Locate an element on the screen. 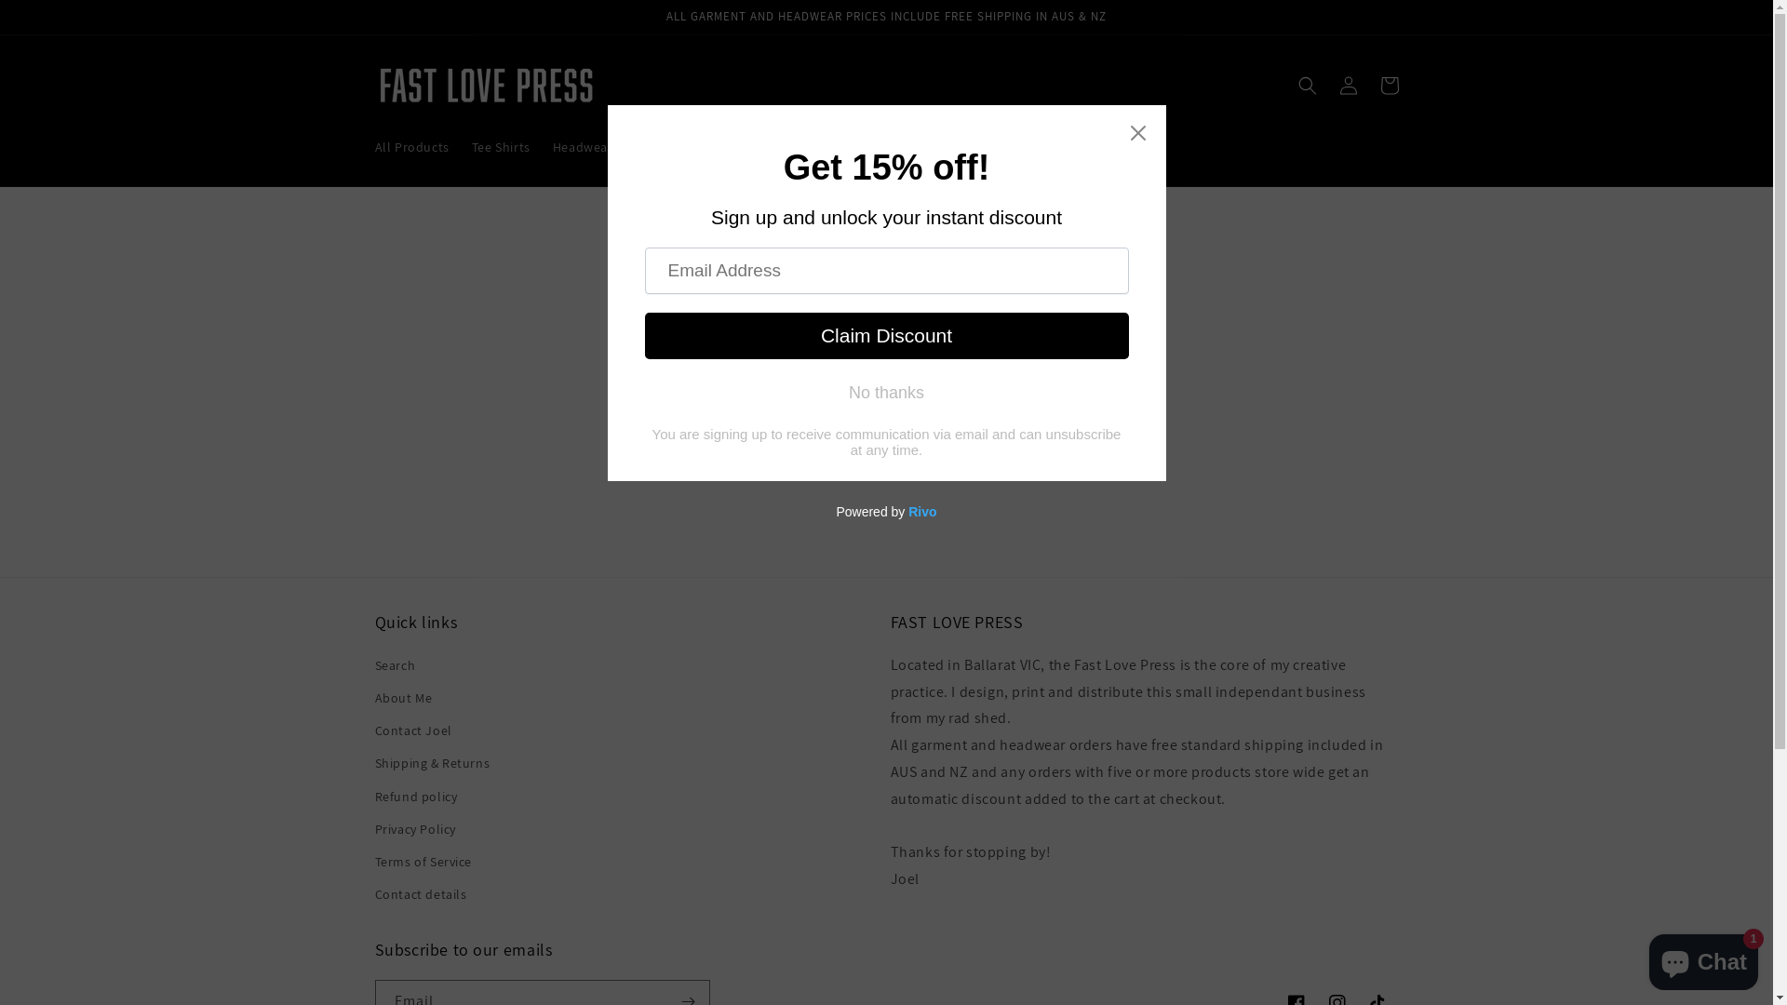  'Headwear' is located at coordinates (582, 146).